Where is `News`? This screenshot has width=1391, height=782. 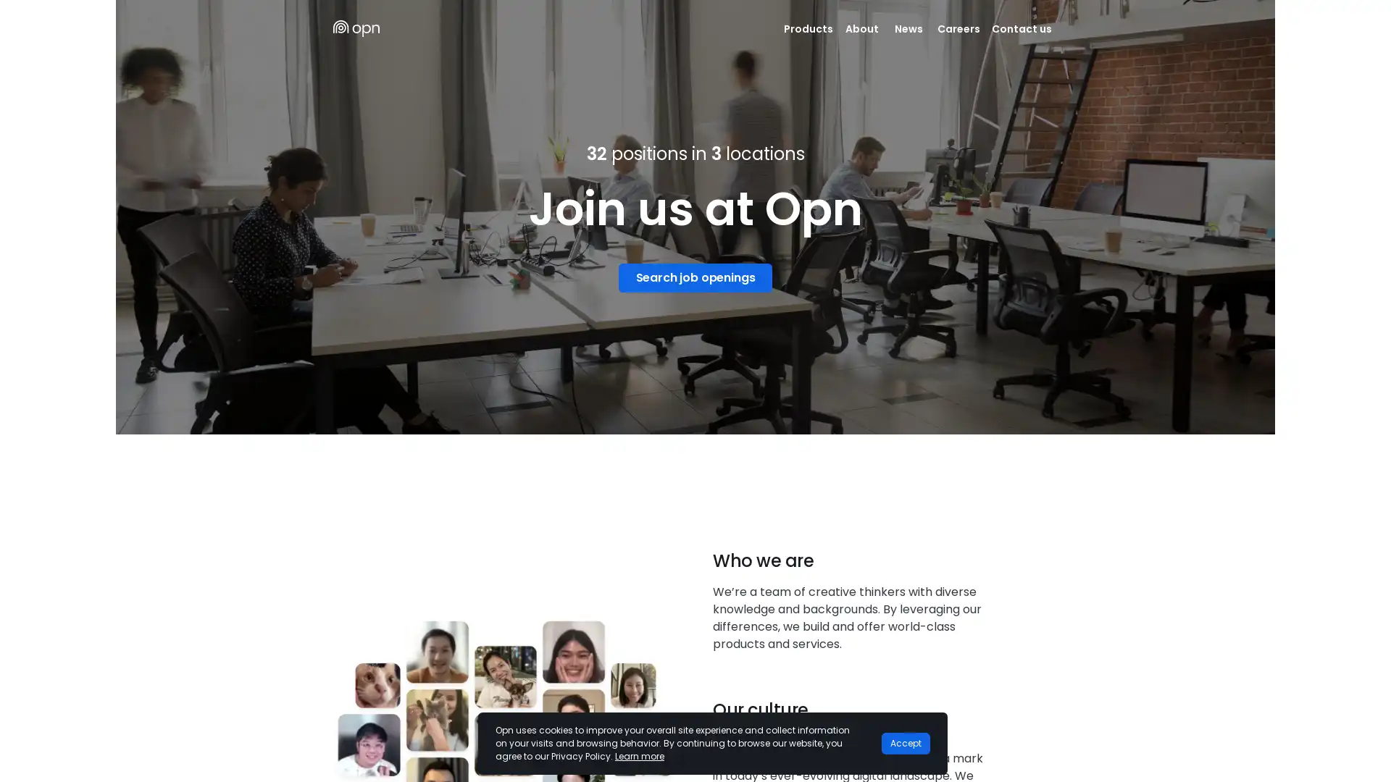 News is located at coordinates (907, 28).